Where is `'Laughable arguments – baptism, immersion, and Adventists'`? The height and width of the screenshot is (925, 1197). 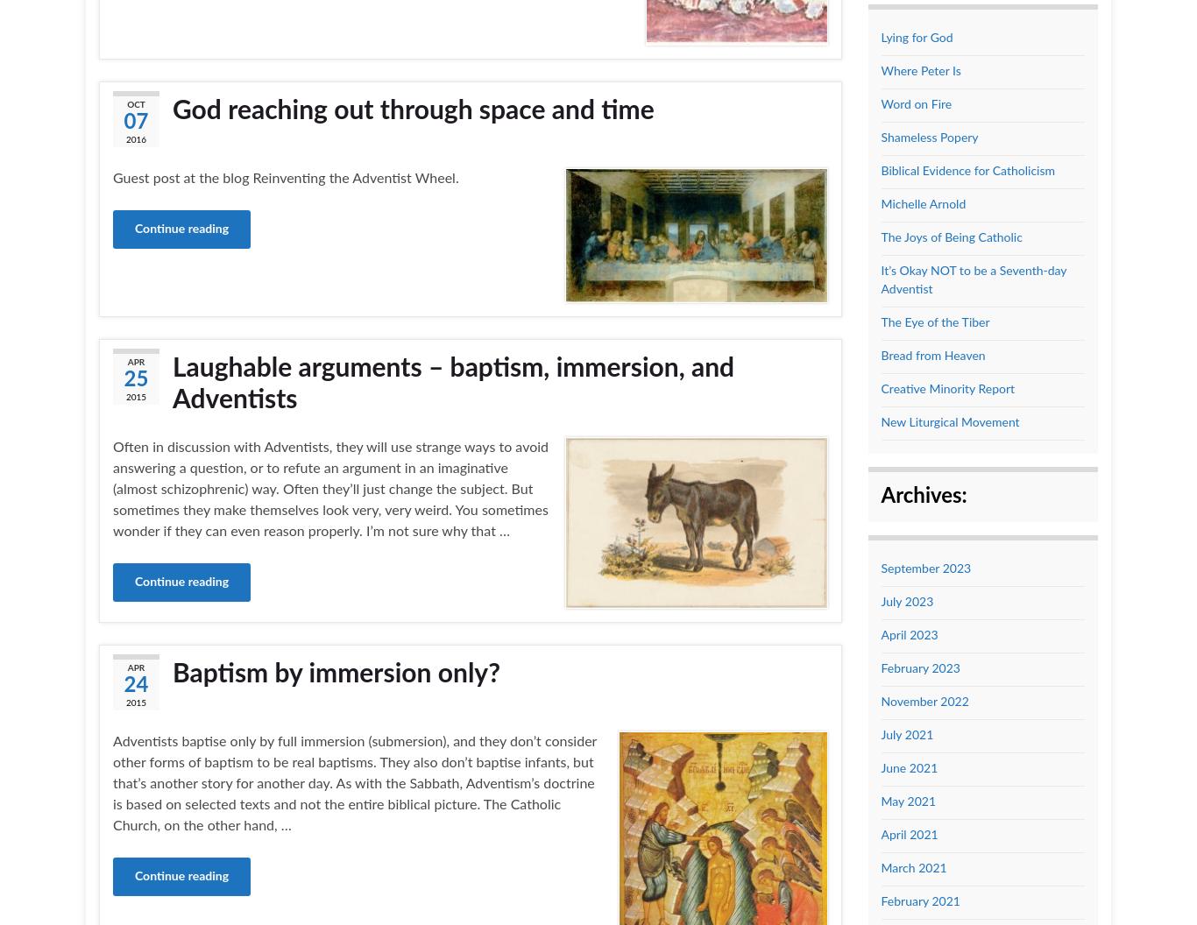
'Laughable arguments – baptism, immersion, and Adventists' is located at coordinates (453, 384).